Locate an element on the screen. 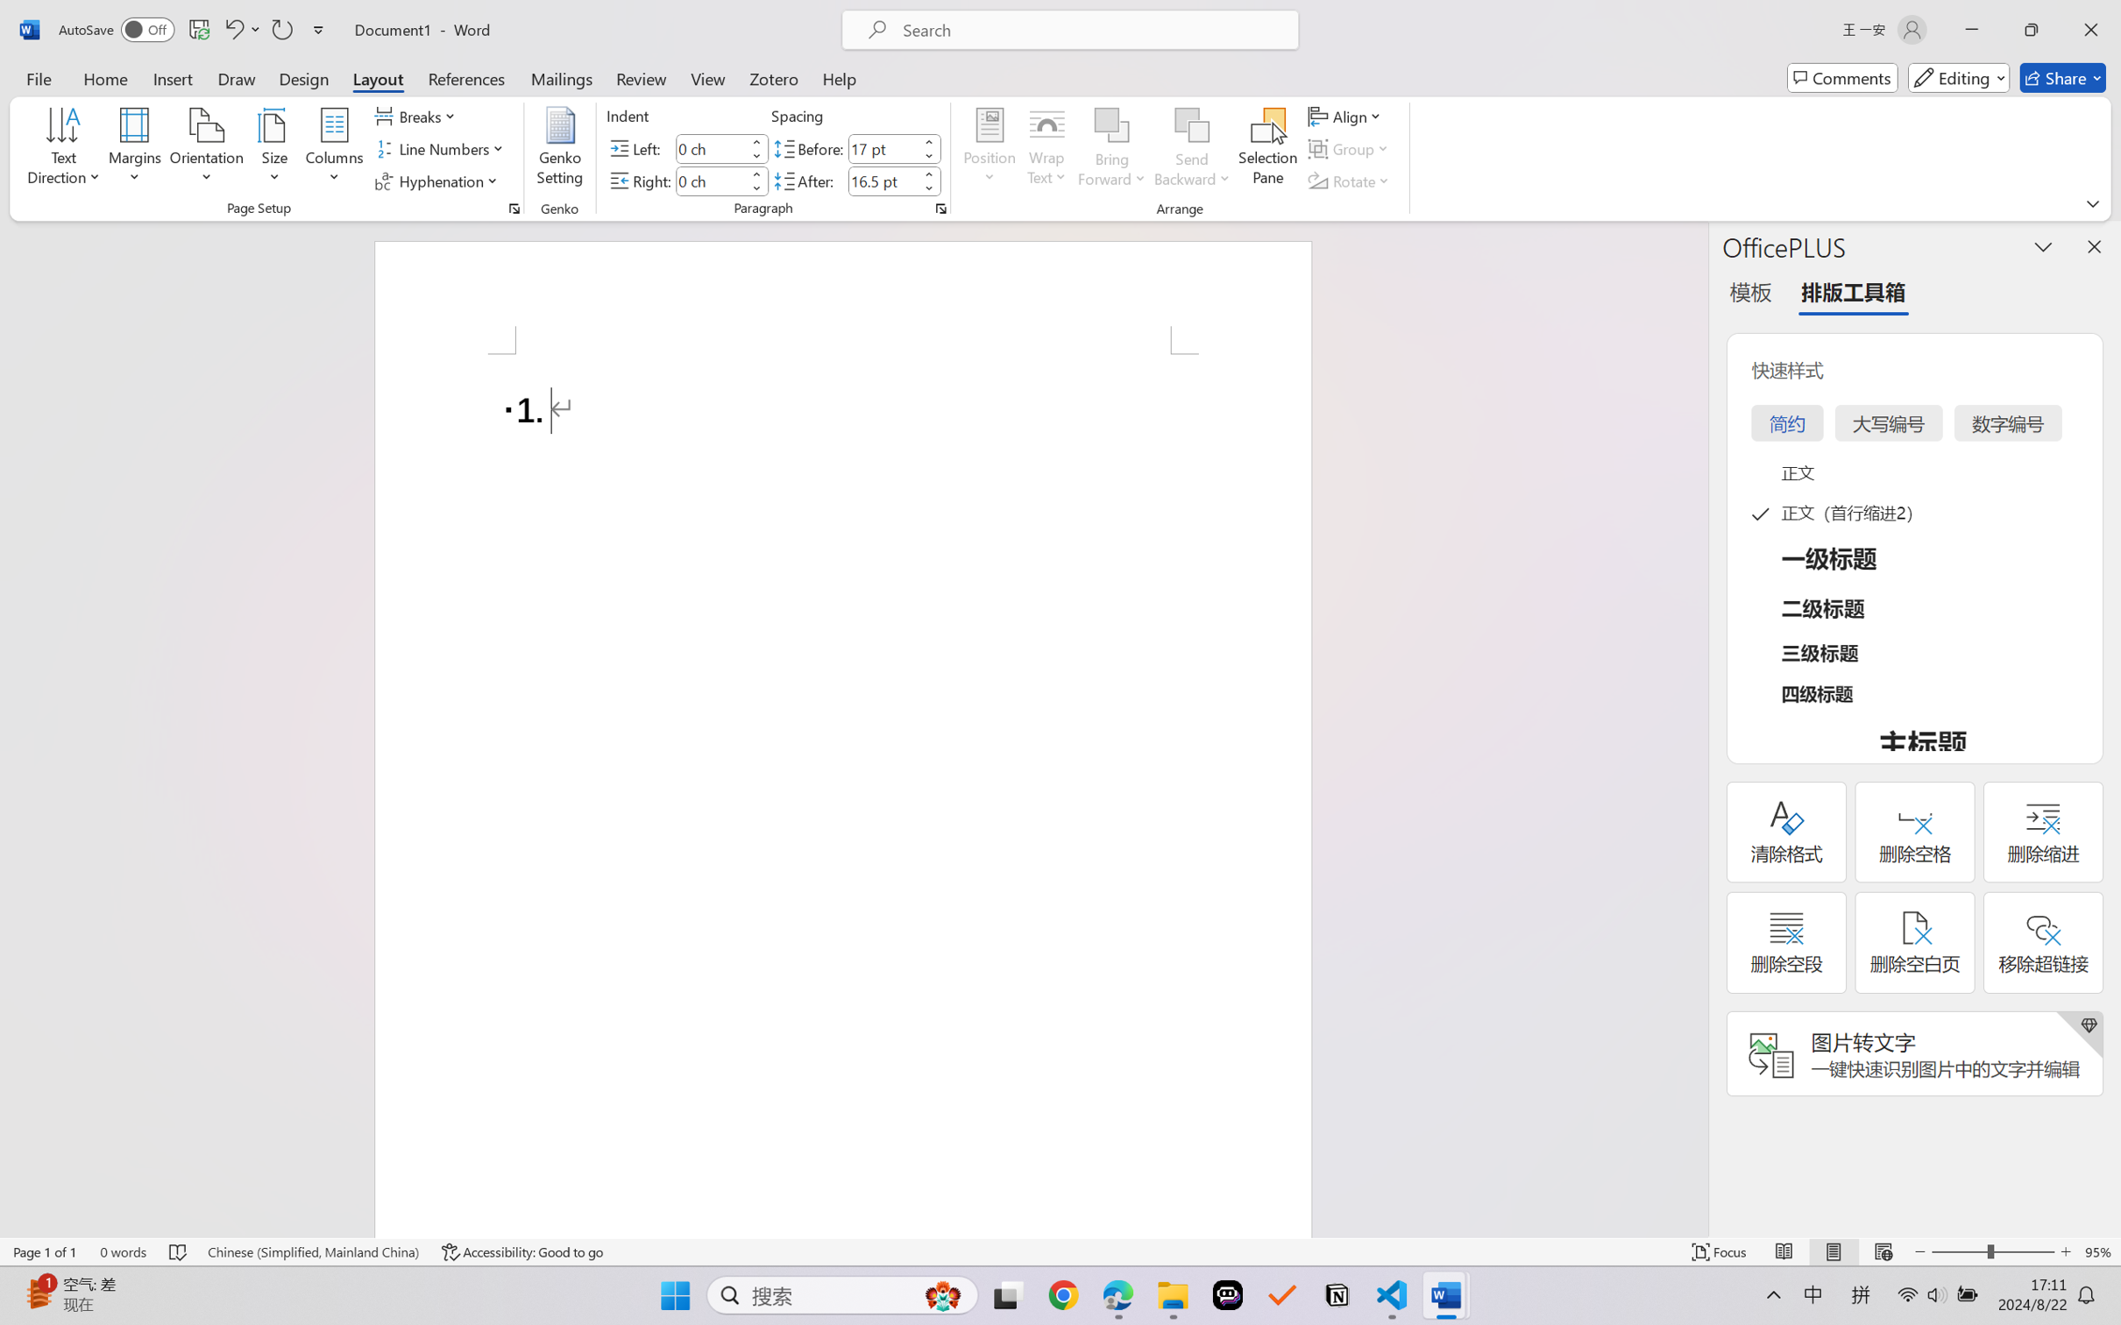  'Position' is located at coordinates (989, 149).